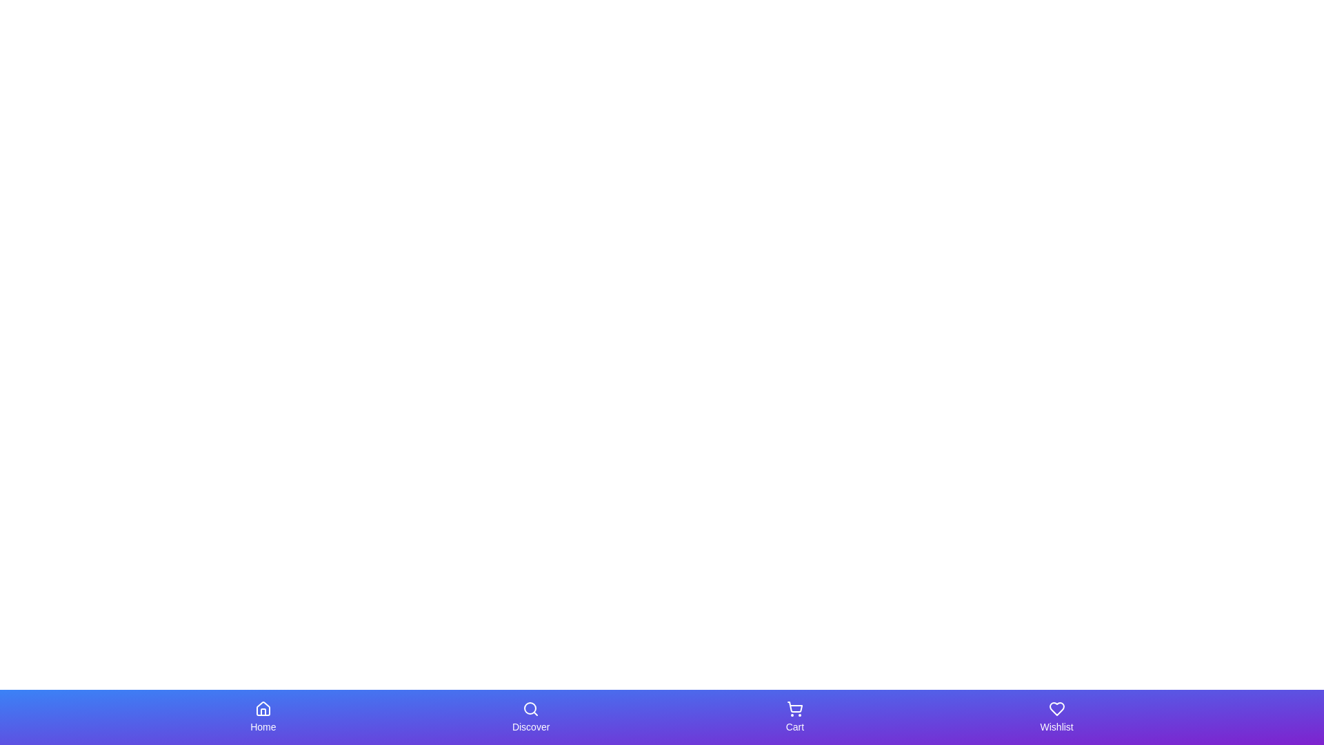 This screenshot has width=1324, height=745. I want to click on the Home button to select the corresponding tab, so click(263, 717).